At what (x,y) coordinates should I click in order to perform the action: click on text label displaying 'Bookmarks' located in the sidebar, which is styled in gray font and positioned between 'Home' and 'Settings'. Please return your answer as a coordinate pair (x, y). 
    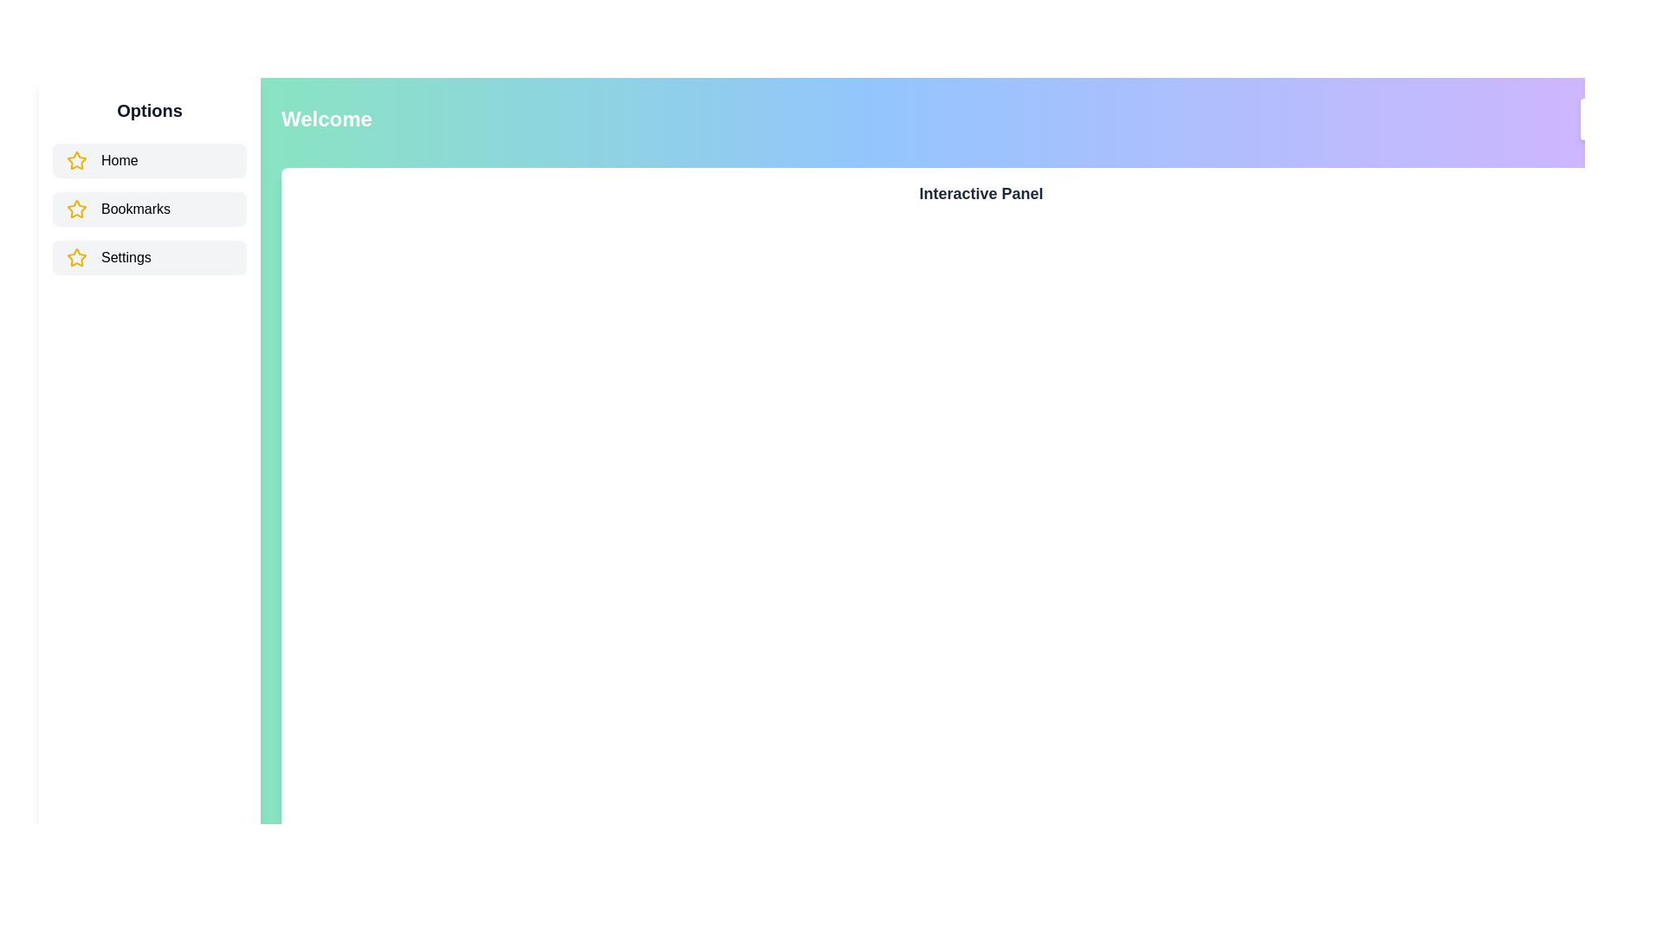
    Looking at the image, I should click on (135, 209).